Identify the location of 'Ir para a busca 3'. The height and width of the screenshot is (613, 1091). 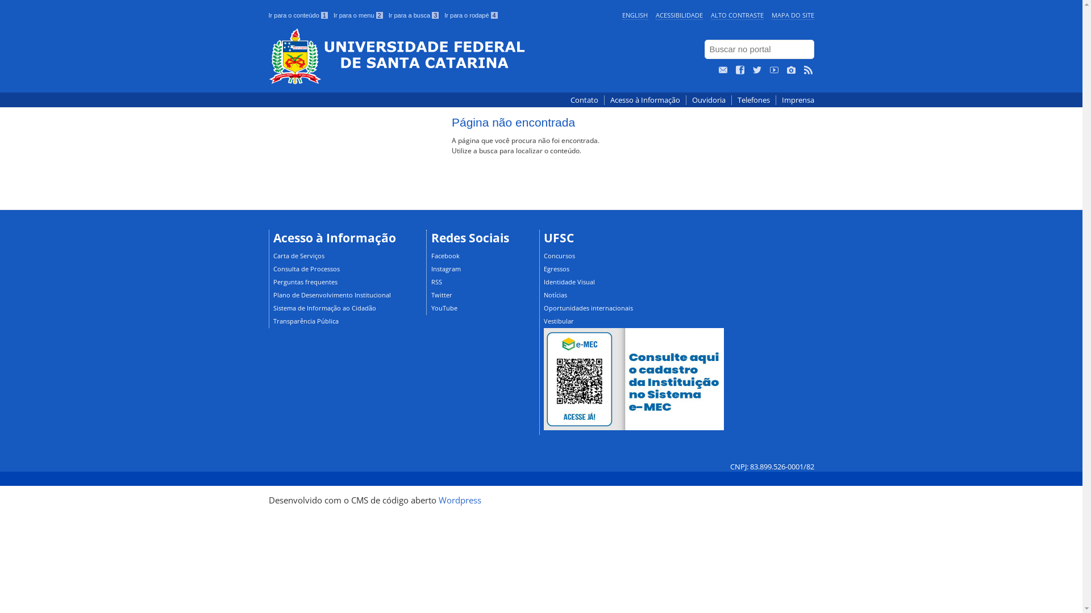
(413, 15).